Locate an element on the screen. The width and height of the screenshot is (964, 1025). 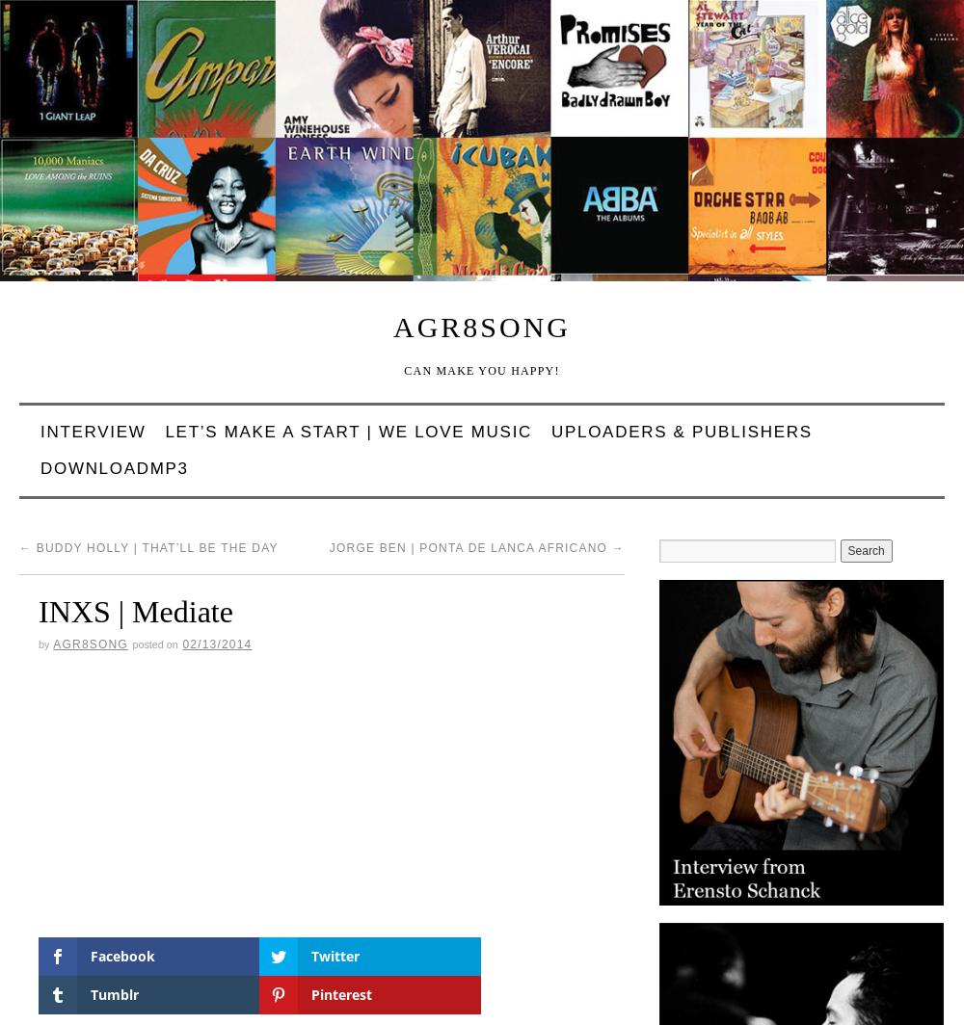
'Posted on' is located at coordinates (154, 643).